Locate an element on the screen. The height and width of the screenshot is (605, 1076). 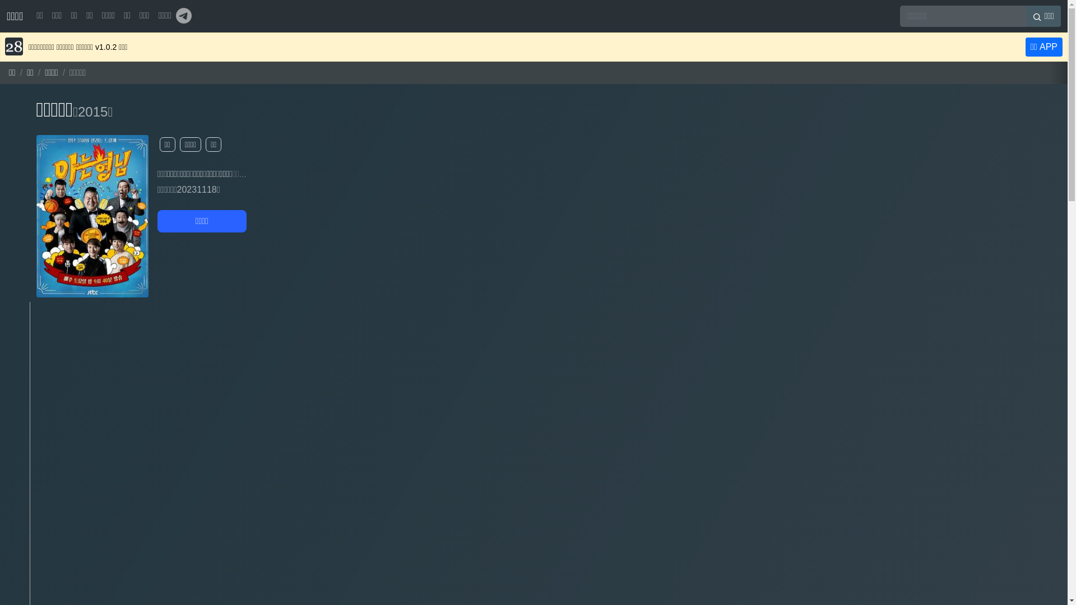
'2015' is located at coordinates (92, 111).